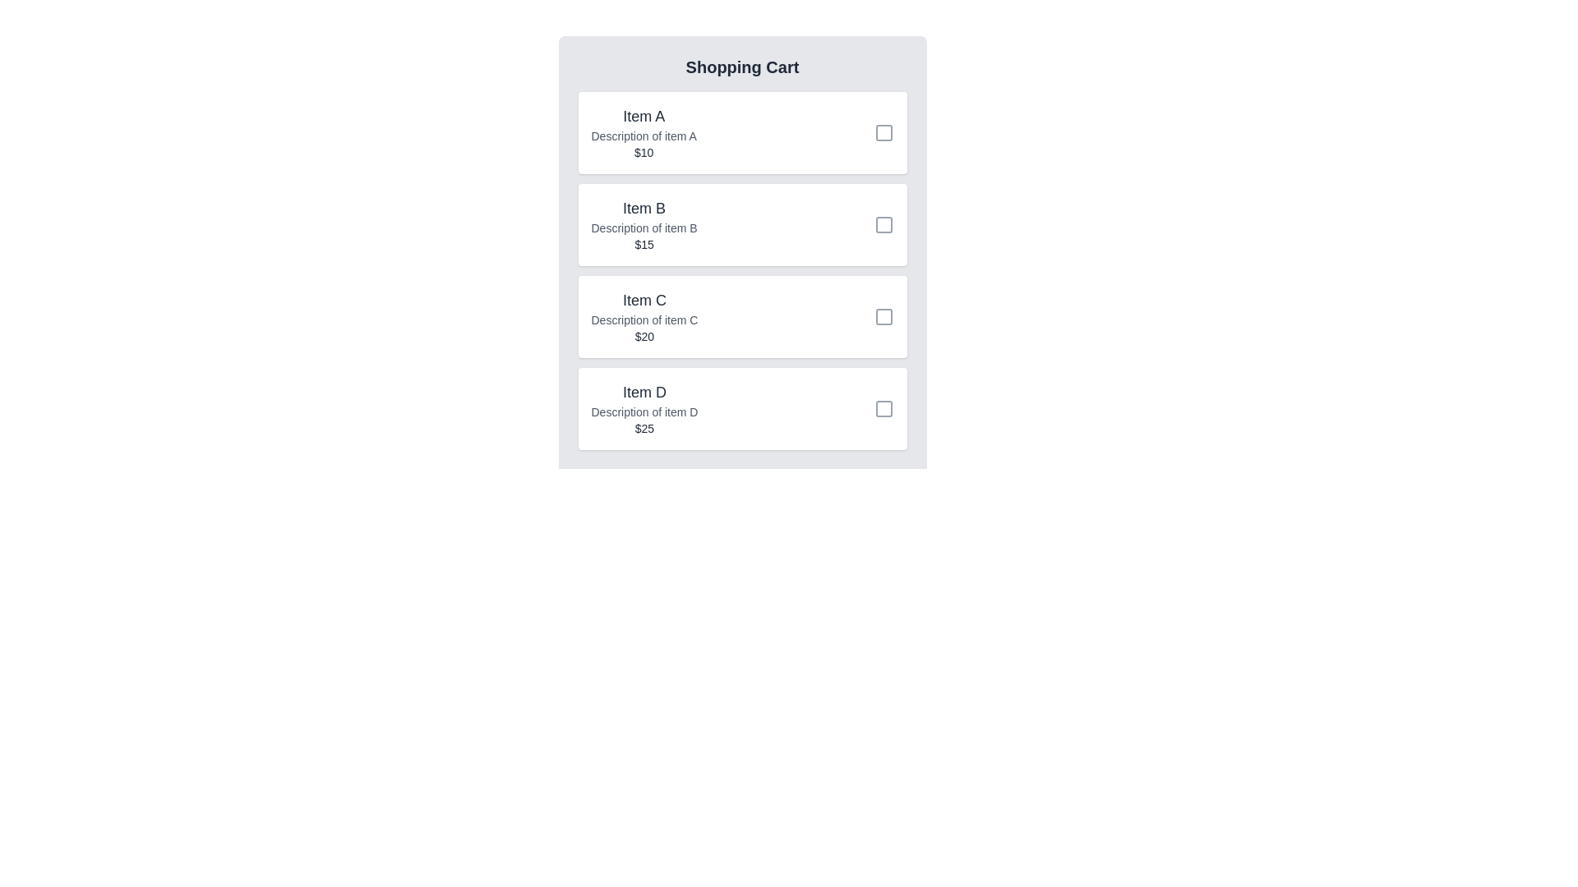 The image size is (1578, 887). What do you see at coordinates (883, 316) in the screenshot?
I see `the button associated with 'Item C' in the shopping cart` at bounding box center [883, 316].